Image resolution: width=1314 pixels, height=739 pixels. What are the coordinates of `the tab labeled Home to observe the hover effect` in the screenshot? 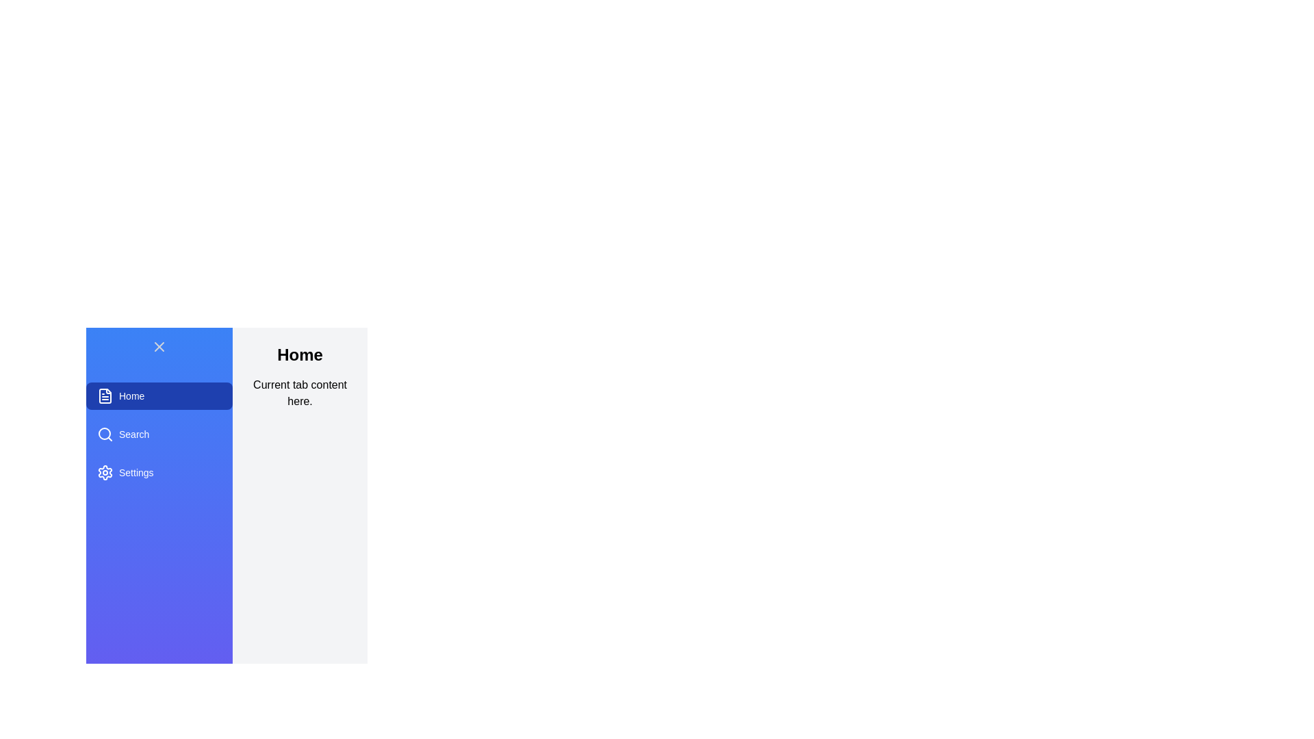 It's located at (159, 396).